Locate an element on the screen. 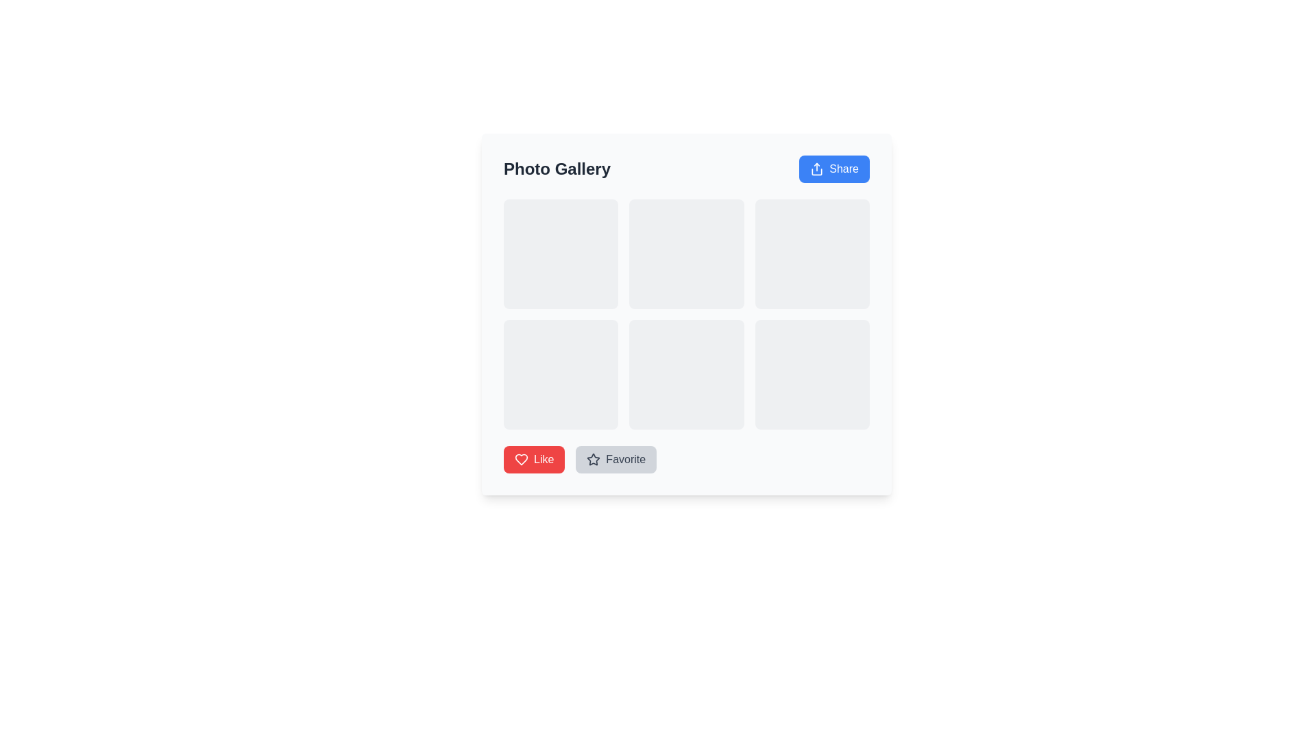 The image size is (1316, 740). the heart-shaped 'Like' icon, which is outlined in red and located within the red button labeled 'Like' in the bottom left corner of the user interface is located at coordinates (521, 460).